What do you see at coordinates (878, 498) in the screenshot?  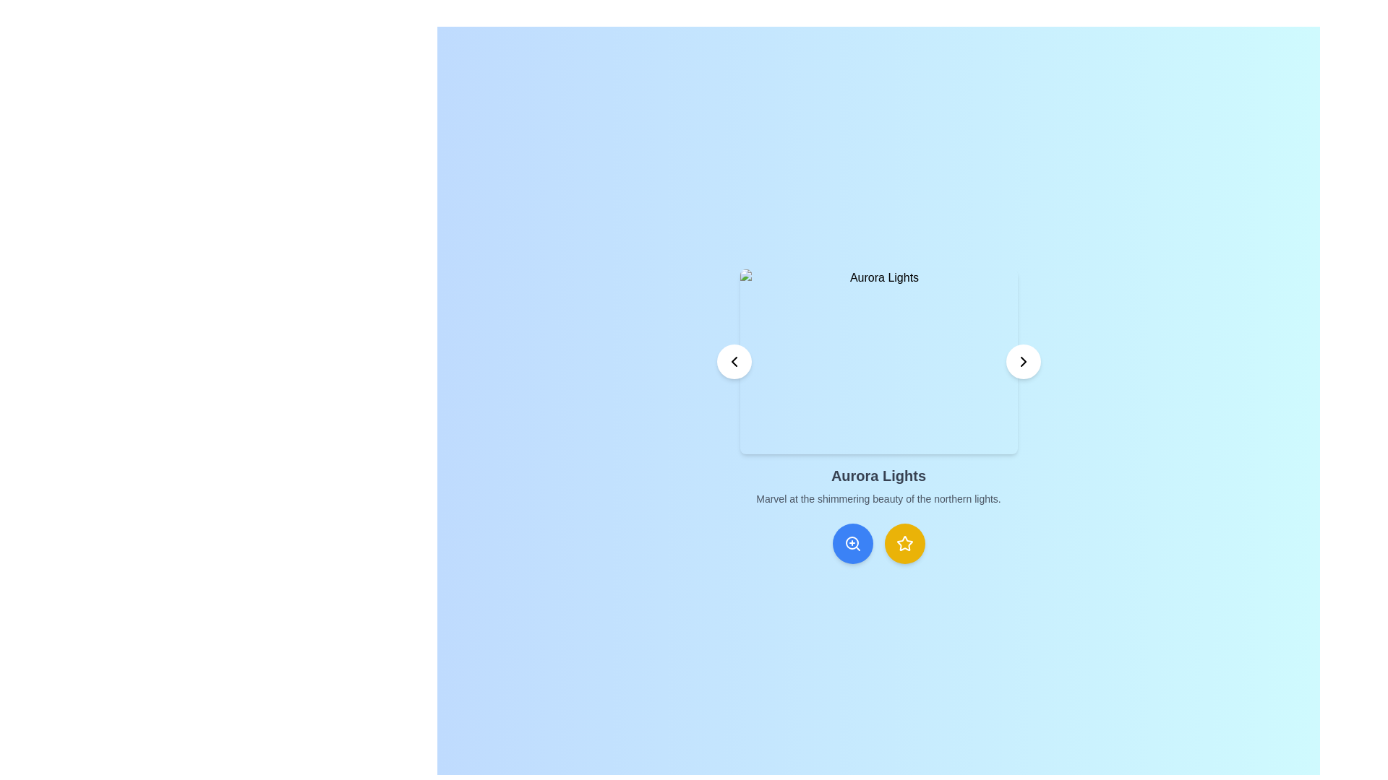 I see `the text label providing descriptive information about 'Aurora Lights', which is located centrally beneath the main title` at bounding box center [878, 498].